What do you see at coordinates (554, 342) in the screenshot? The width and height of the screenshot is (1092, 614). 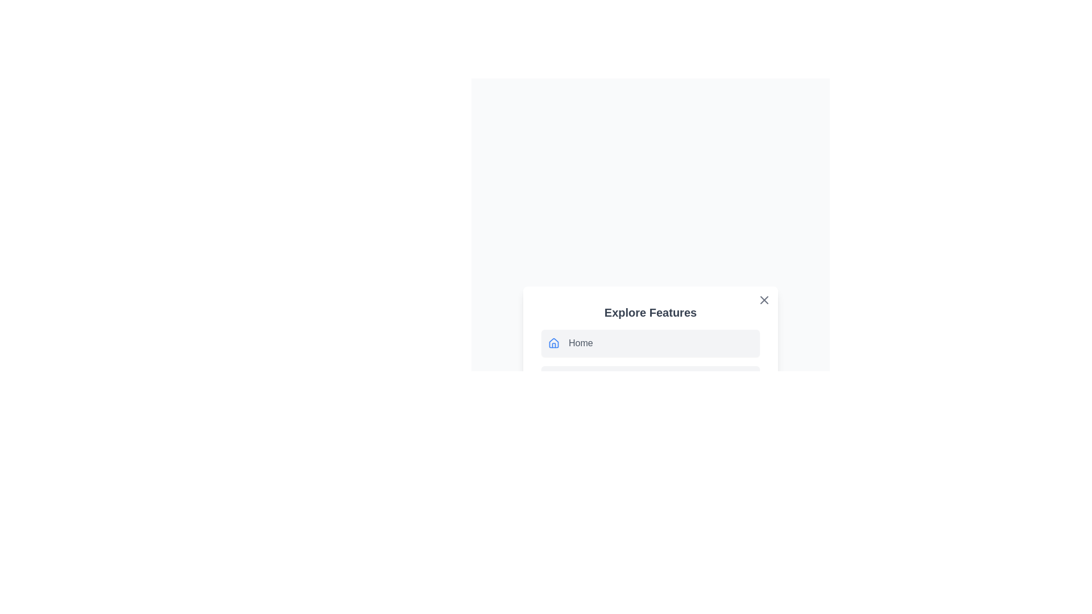 I see `the blue house icon located in the 'Explore Features' panel, adjacent to the text 'Home'` at bounding box center [554, 342].